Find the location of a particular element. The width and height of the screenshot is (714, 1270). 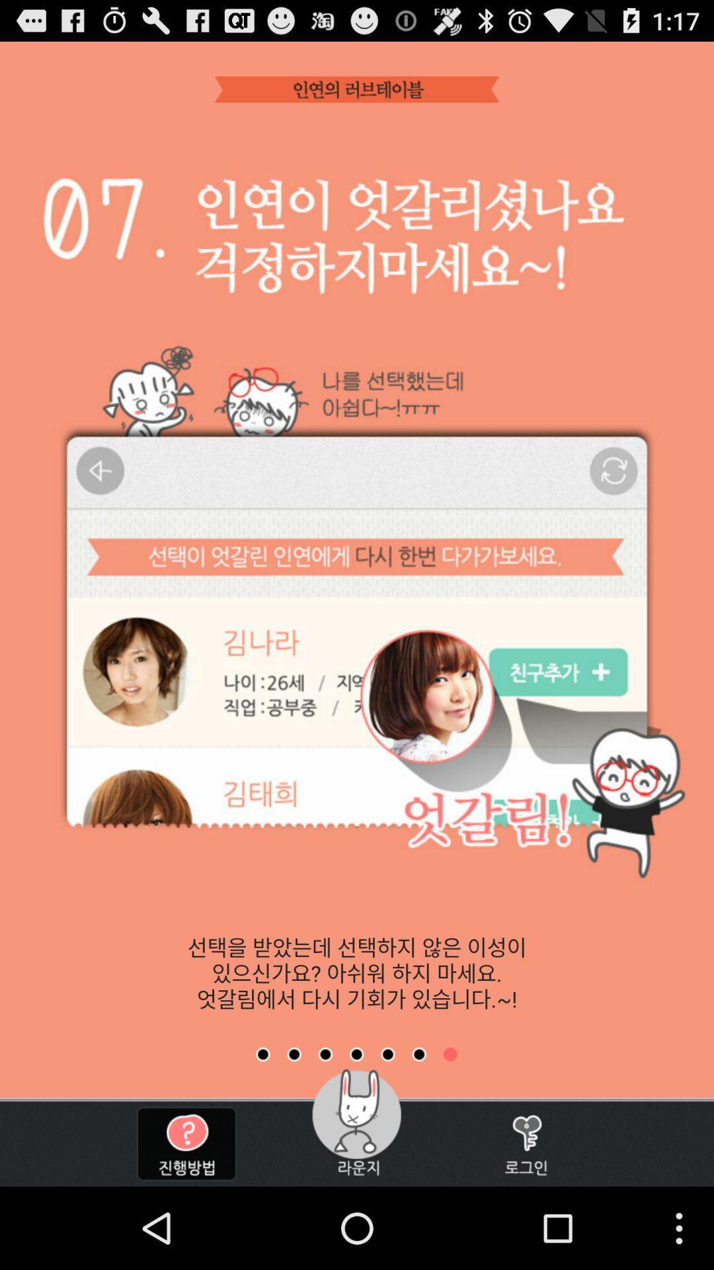

slider is located at coordinates (325, 1054).